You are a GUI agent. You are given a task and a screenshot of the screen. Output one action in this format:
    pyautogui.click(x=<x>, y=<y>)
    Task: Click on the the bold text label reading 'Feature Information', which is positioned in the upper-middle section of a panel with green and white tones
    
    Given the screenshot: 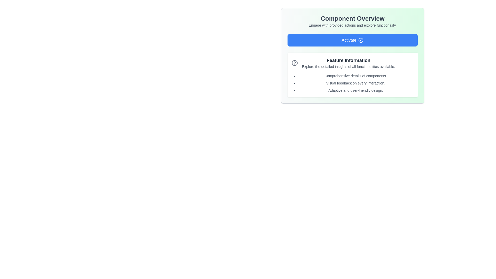 What is the action you would take?
    pyautogui.click(x=348, y=60)
    